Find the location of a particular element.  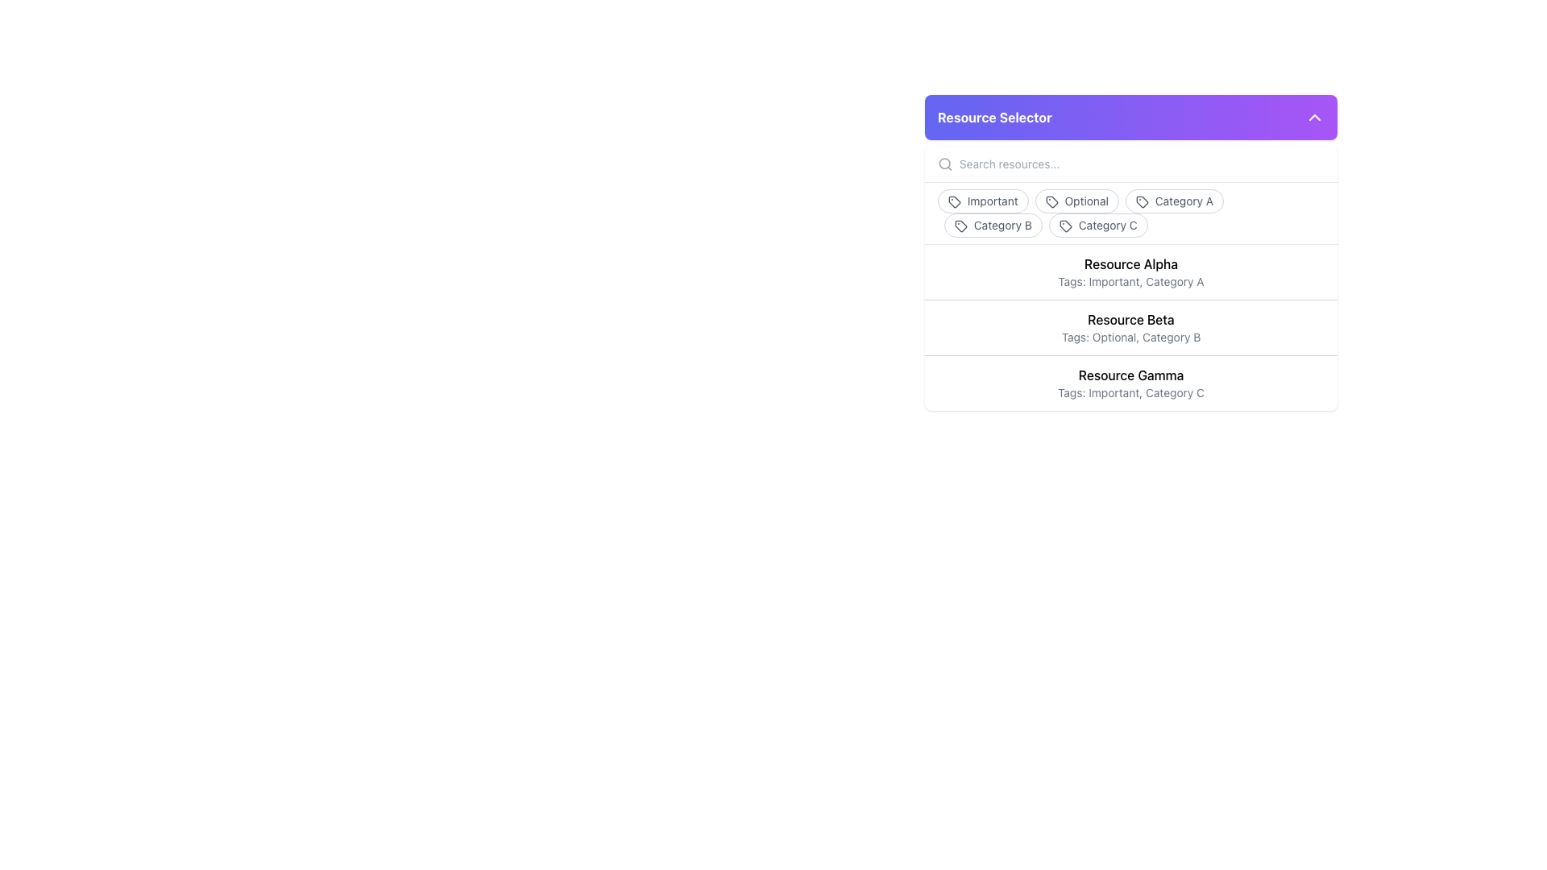

the 'Category C' tag within the group of interactive tags located below the 'Search resources...' input field is located at coordinates (1130, 211).